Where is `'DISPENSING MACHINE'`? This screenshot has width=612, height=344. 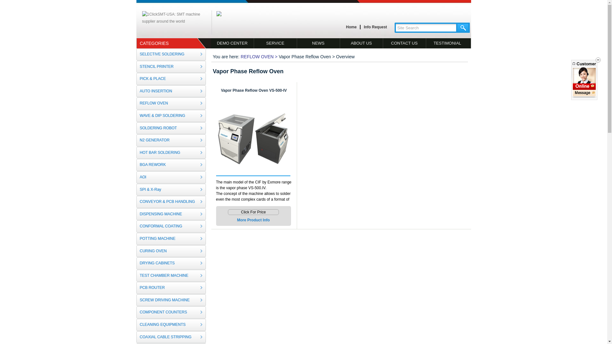 'DISPENSING MACHINE' is located at coordinates (171, 214).